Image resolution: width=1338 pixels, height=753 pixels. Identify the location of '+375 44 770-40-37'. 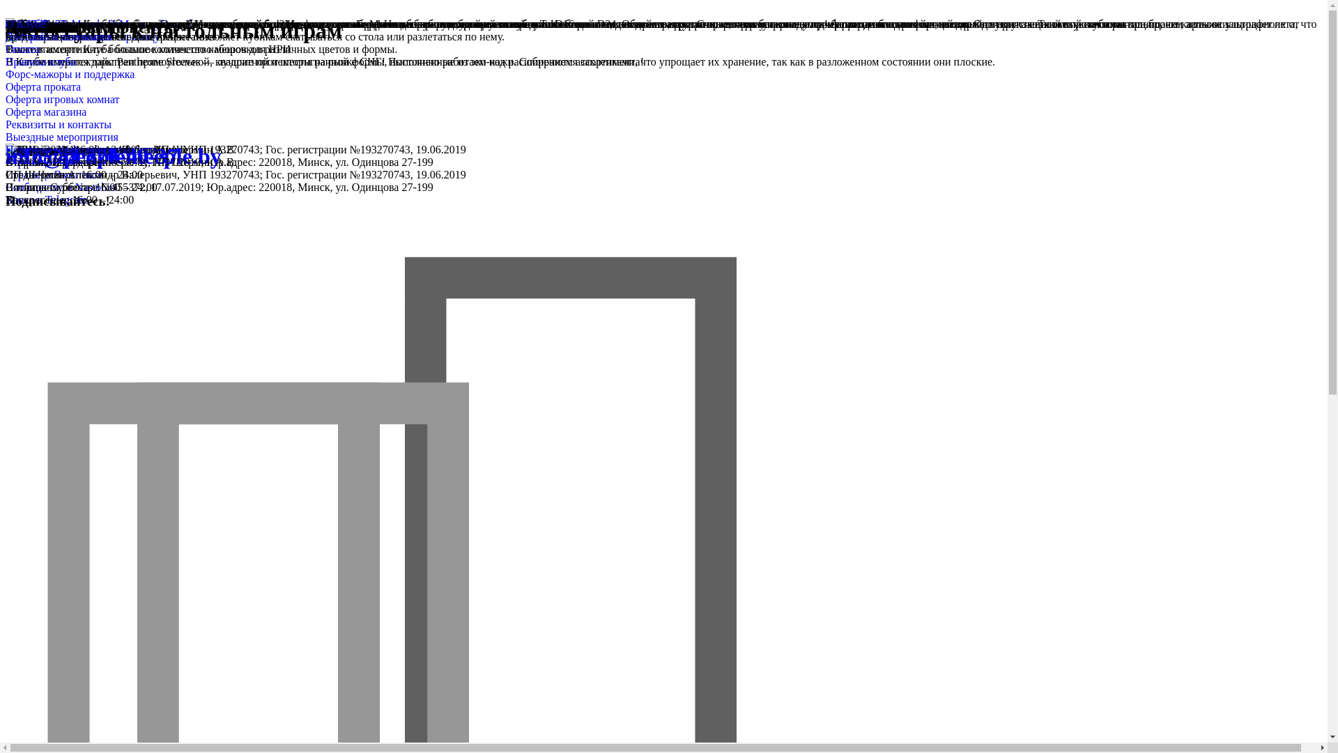
(91, 155).